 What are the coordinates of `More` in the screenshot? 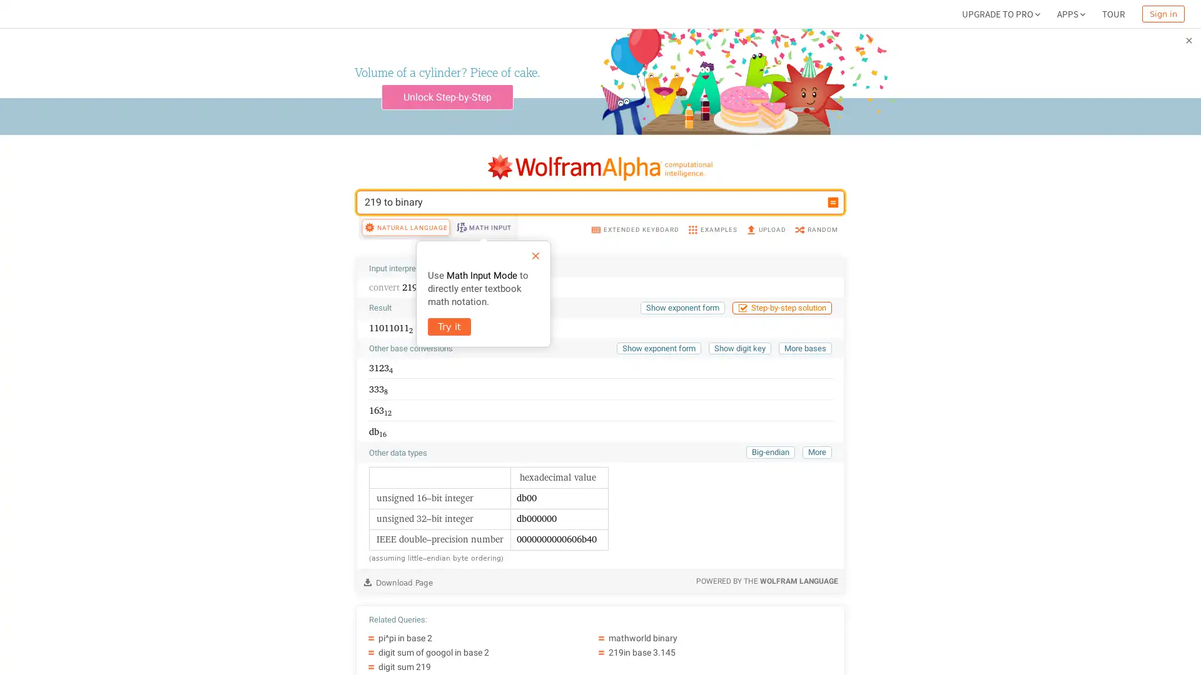 It's located at (817, 477).